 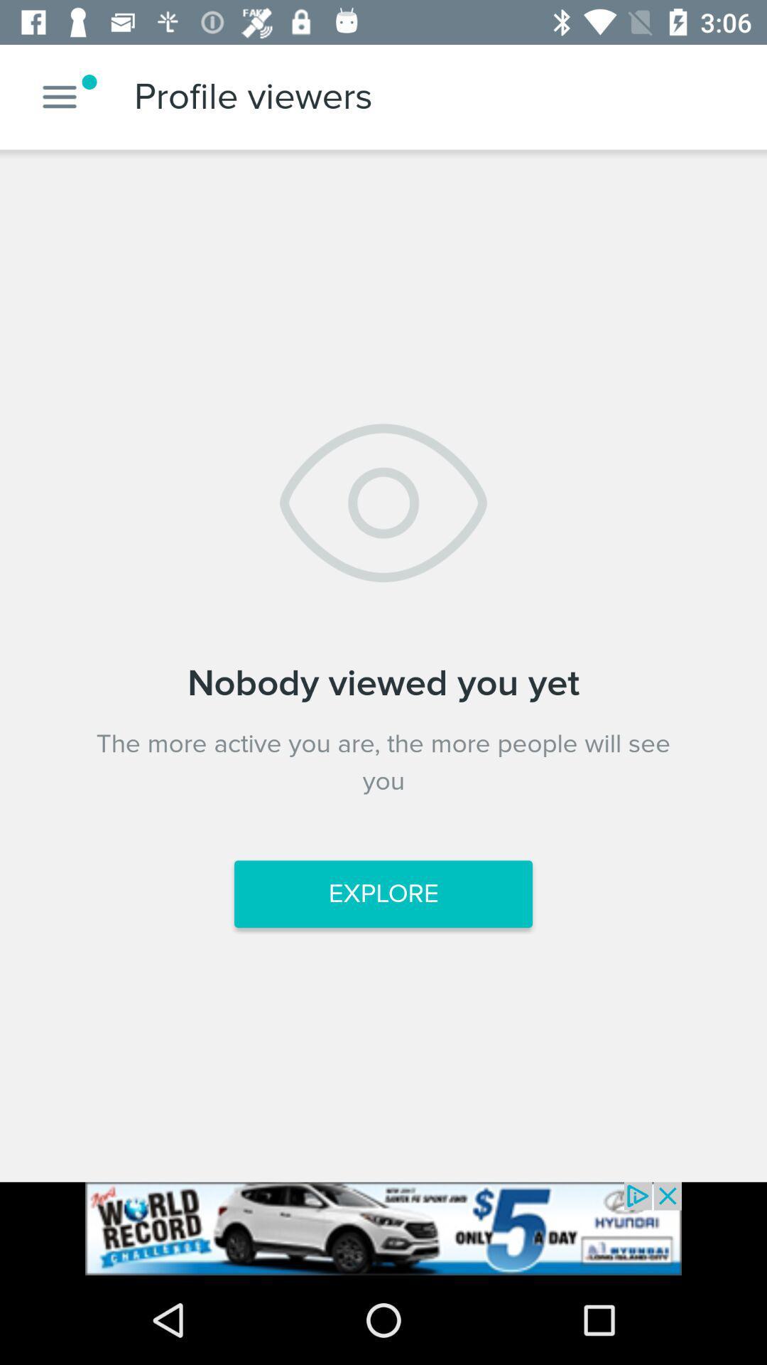 I want to click on menu, so click(x=59, y=96).